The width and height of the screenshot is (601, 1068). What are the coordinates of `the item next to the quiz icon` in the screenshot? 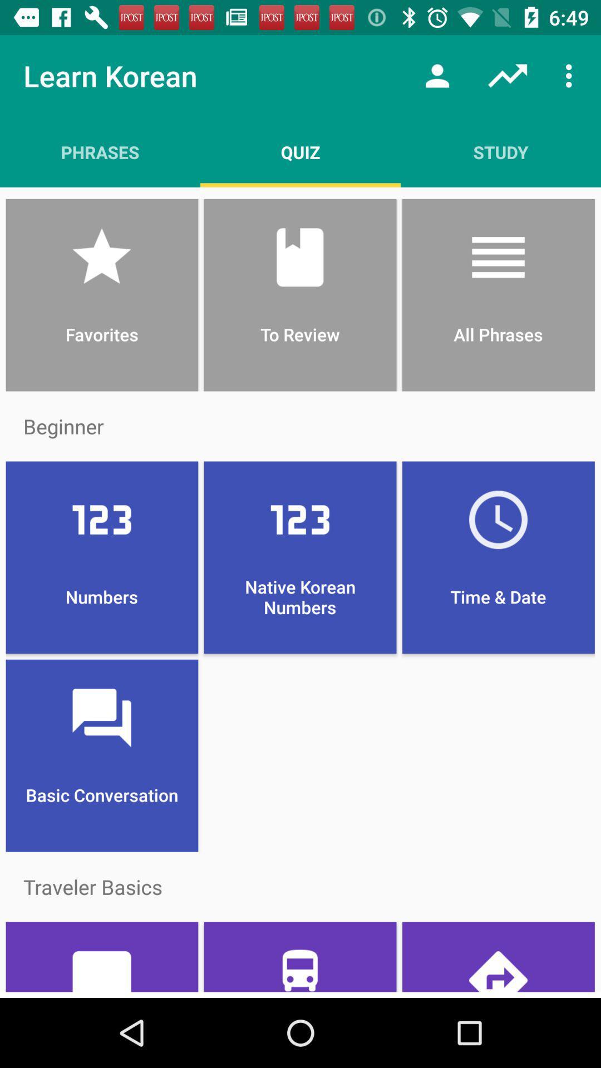 It's located at (500, 151).